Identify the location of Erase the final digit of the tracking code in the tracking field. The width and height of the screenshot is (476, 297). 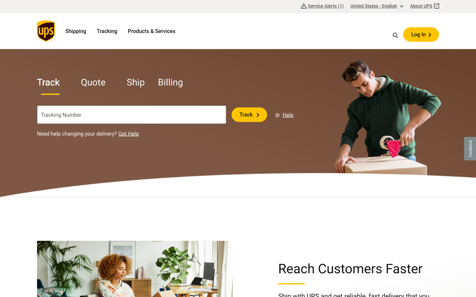
(195, 115).